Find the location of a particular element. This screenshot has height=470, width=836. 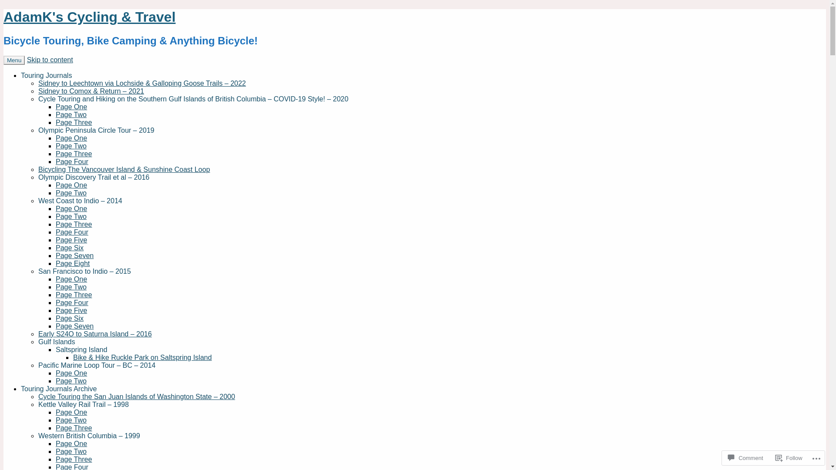

'Page Eight' is located at coordinates (73, 263).